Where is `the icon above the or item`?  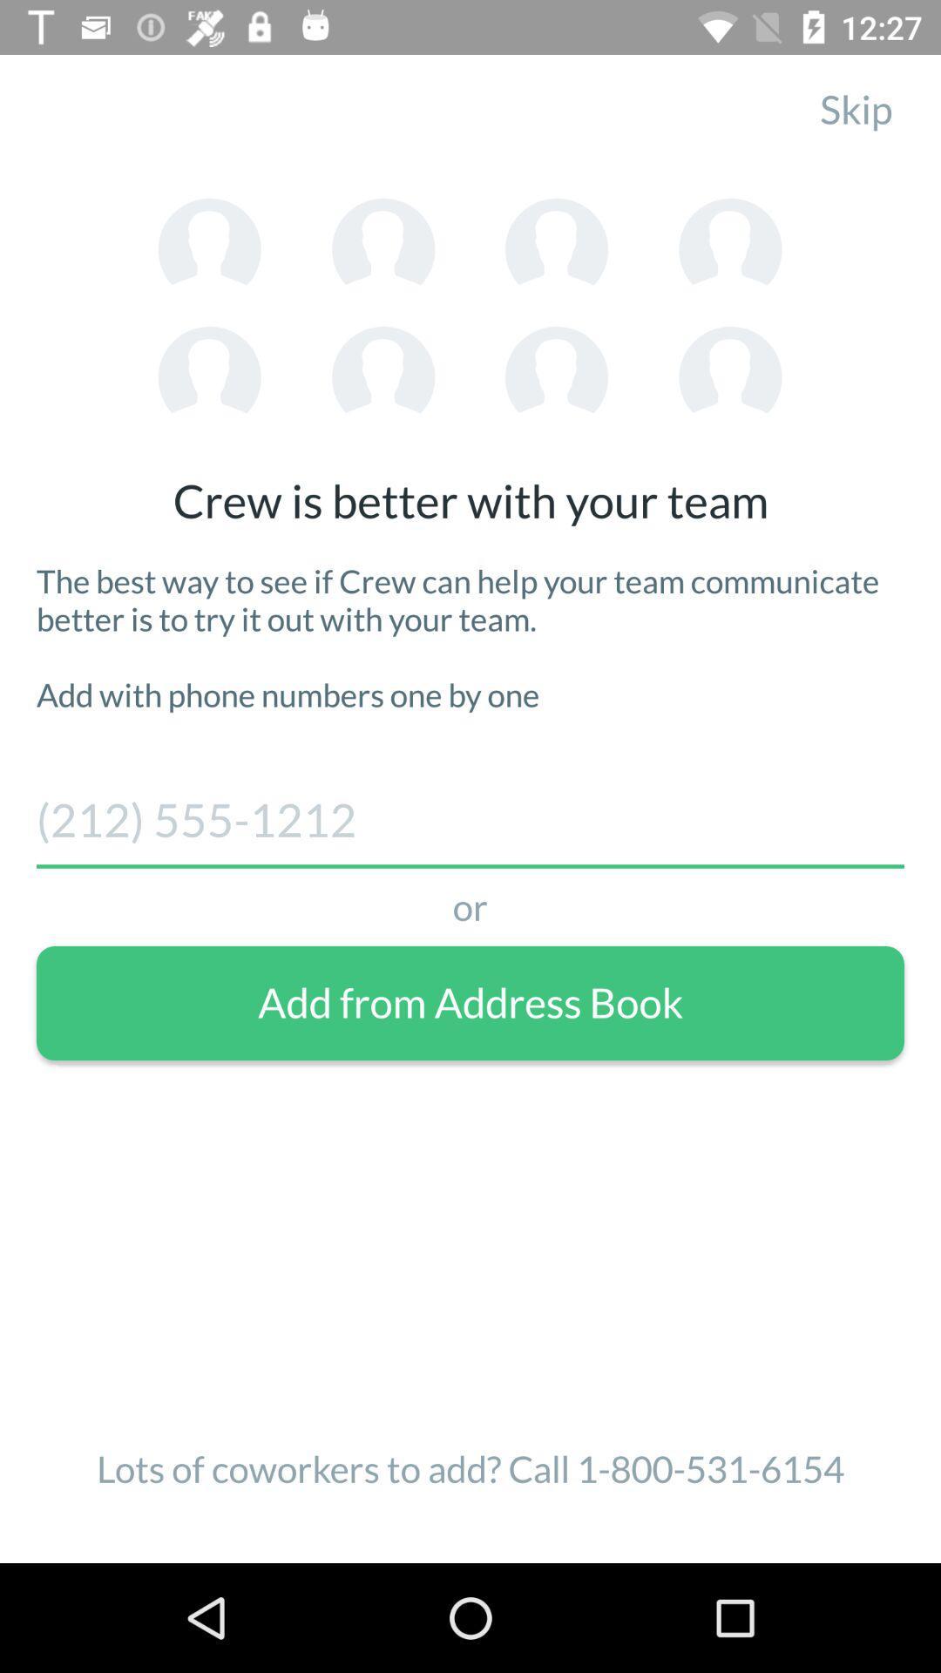
the icon above the or item is located at coordinates (470, 826).